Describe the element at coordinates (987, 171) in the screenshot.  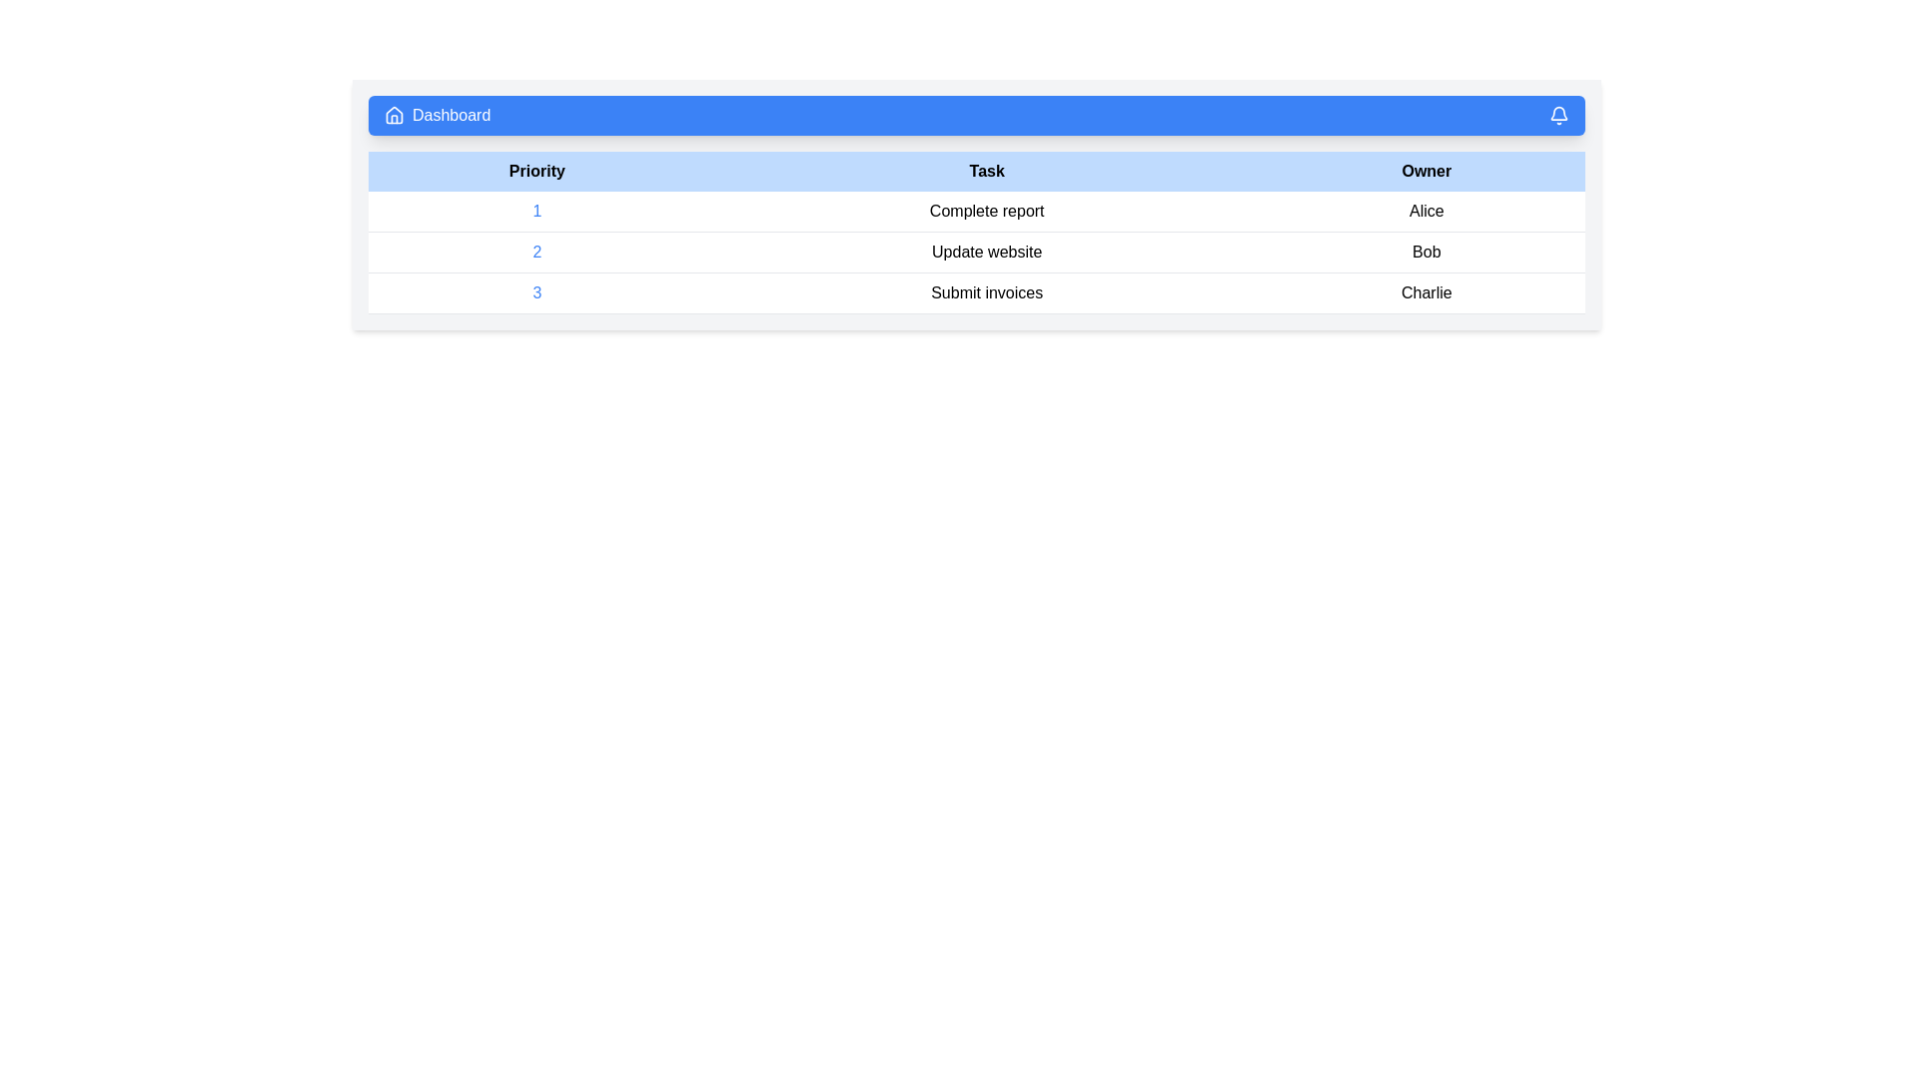
I see `the 'Task' column header in the table, which is the second column header positioned between the 'Priority' and 'Owner' columns` at that location.